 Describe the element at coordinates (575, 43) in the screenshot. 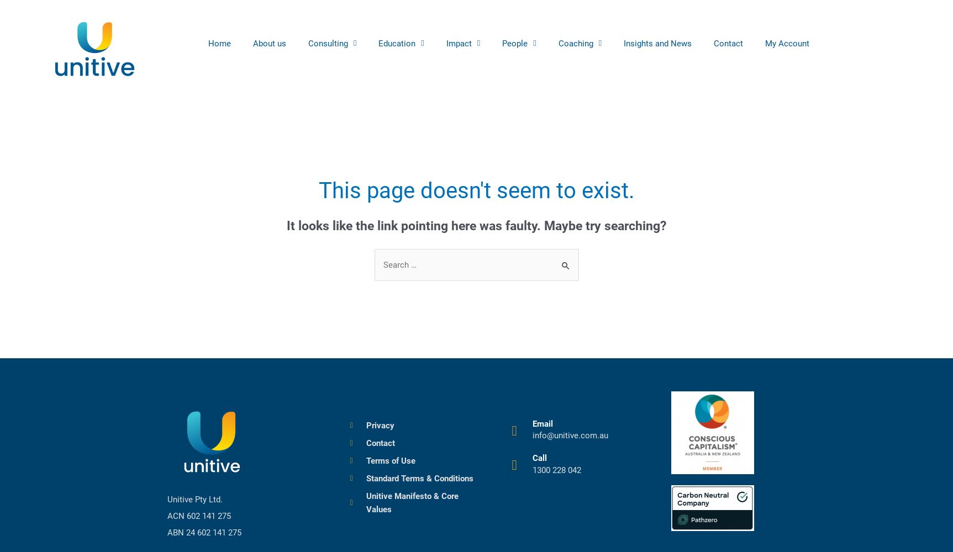

I see `'Coaching'` at that location.